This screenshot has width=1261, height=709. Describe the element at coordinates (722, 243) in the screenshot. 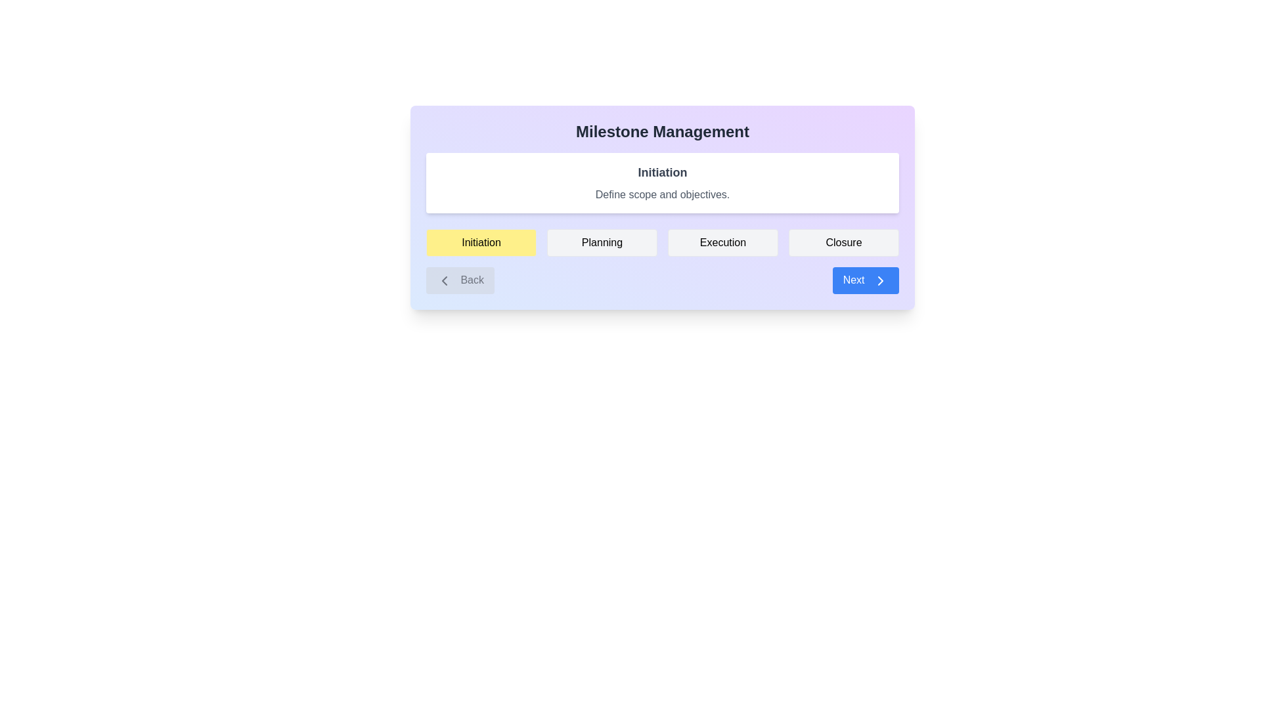

I see `the 'Execution' text label indicating the phase of a milestone management process, which is located between the 'Planning' and 'Closure' containers under the 'Initiation' heading` at that location.